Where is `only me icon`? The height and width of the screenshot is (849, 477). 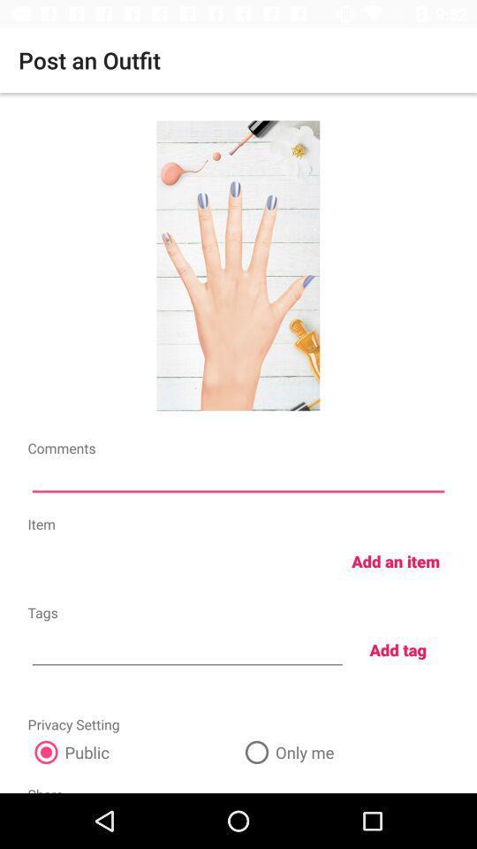 only me icon is located at coordinates (344, 751).